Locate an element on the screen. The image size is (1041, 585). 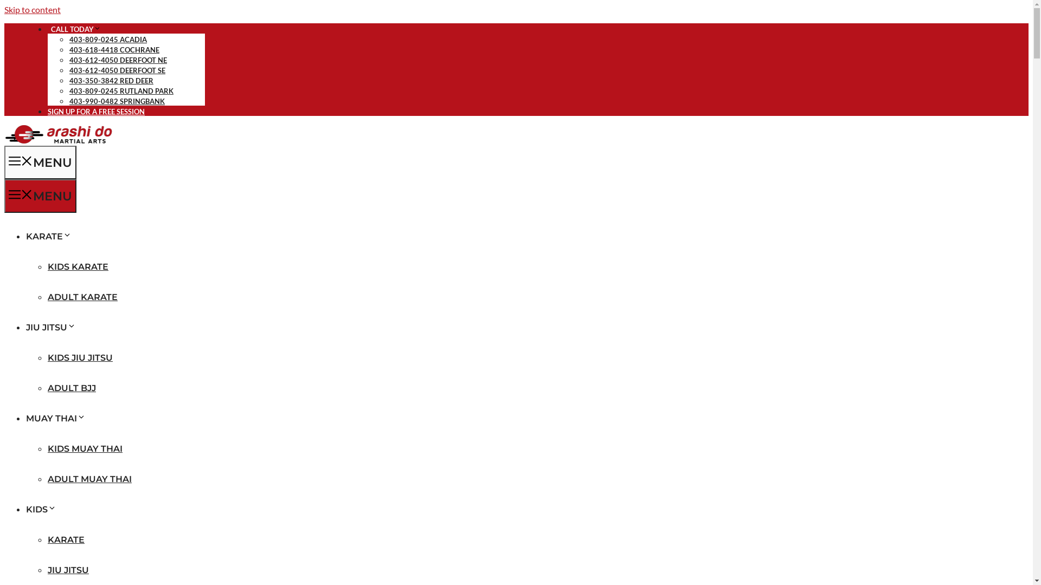
'403-809-0245 RUTLAND PARK' is located at coordinates (121, 90).